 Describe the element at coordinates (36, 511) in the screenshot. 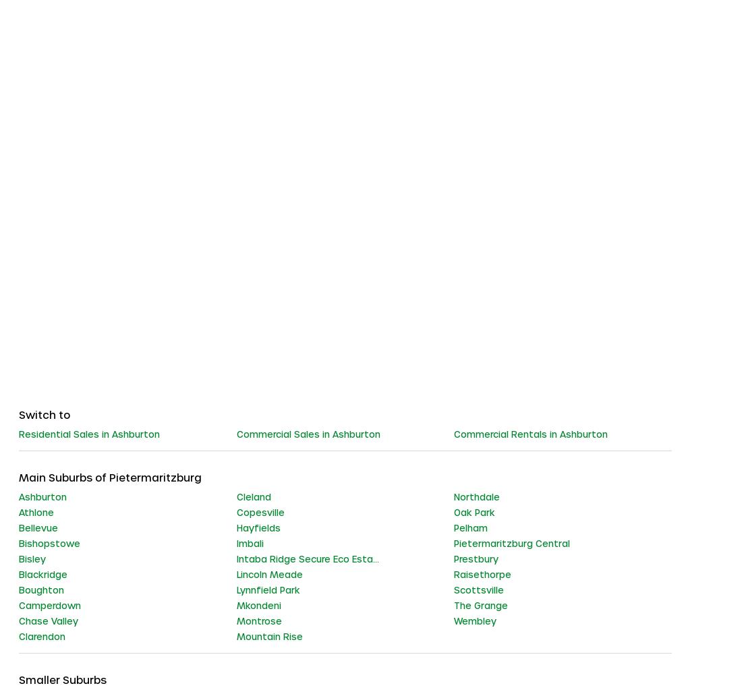

I see `'Athlone'` at that location.